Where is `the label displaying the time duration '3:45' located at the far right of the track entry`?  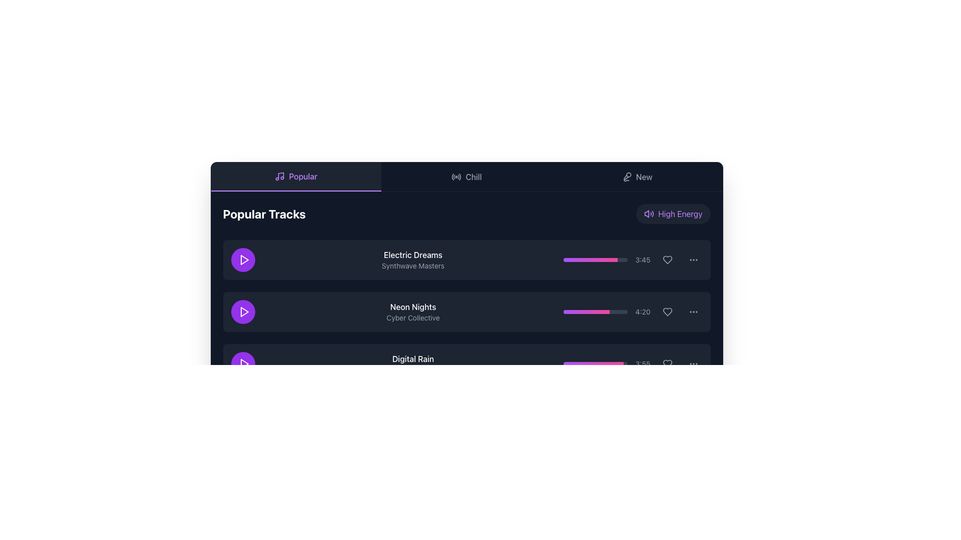 the label displaying the time duration '3:45' located at the far right of the track entry is located at coordinates (643, 259).